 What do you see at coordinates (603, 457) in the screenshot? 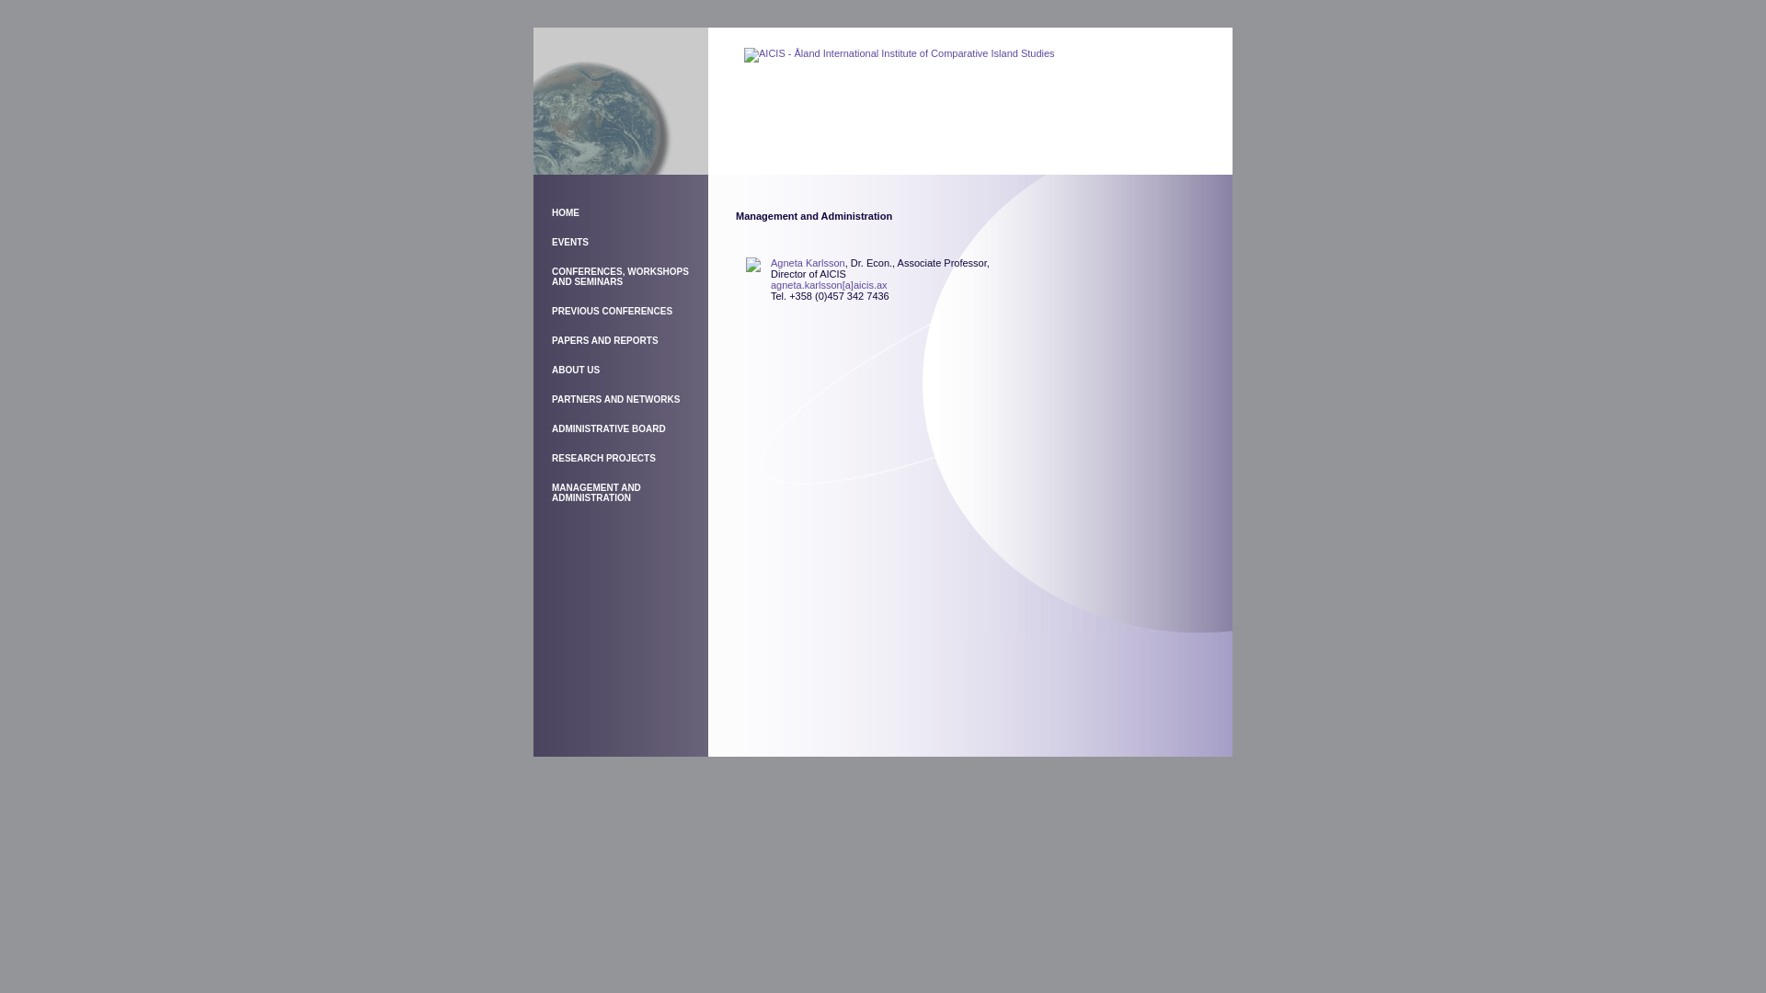
I see `'RESEARCH PROJECTS'` at bounding box center [603, 457].